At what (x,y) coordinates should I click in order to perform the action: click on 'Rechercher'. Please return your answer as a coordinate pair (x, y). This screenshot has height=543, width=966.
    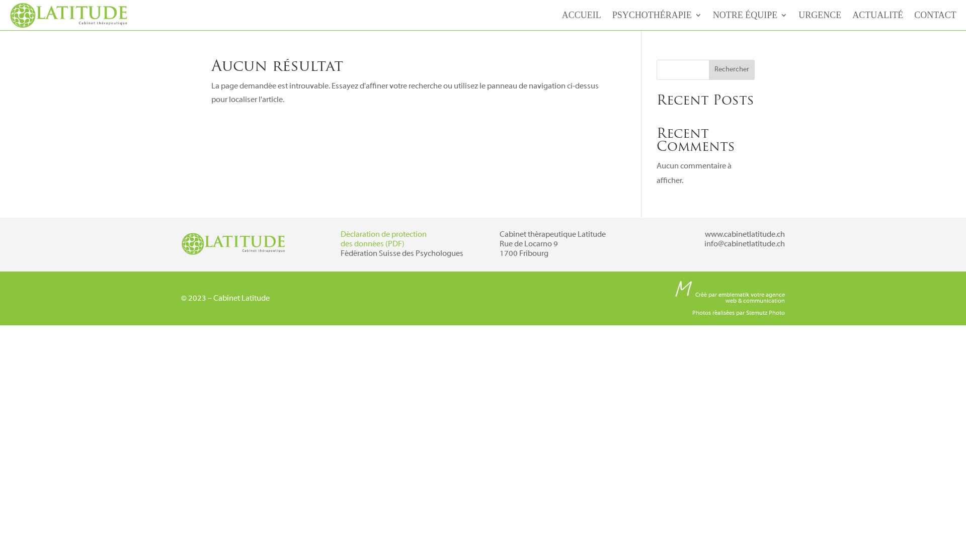
    Looking at the image, I should click on (708, 69).